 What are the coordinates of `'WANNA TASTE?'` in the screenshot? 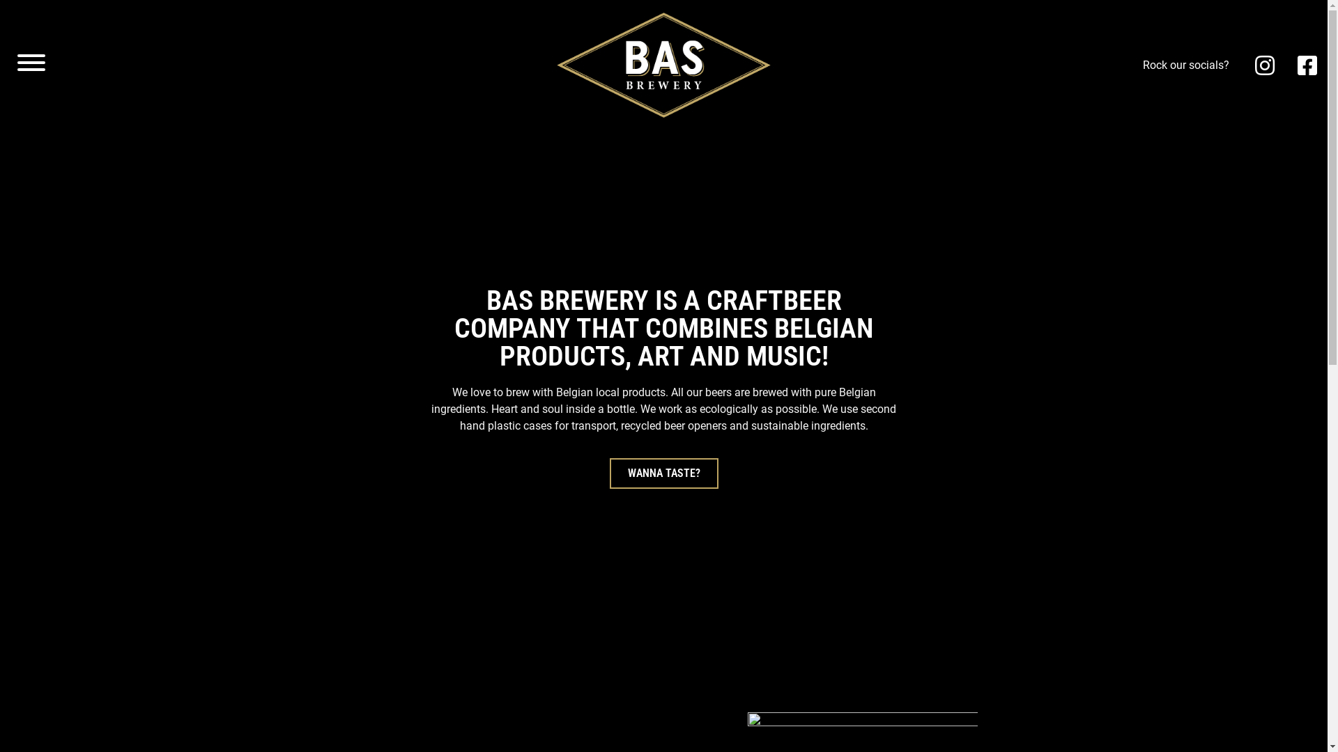 It's located at (662, 472).